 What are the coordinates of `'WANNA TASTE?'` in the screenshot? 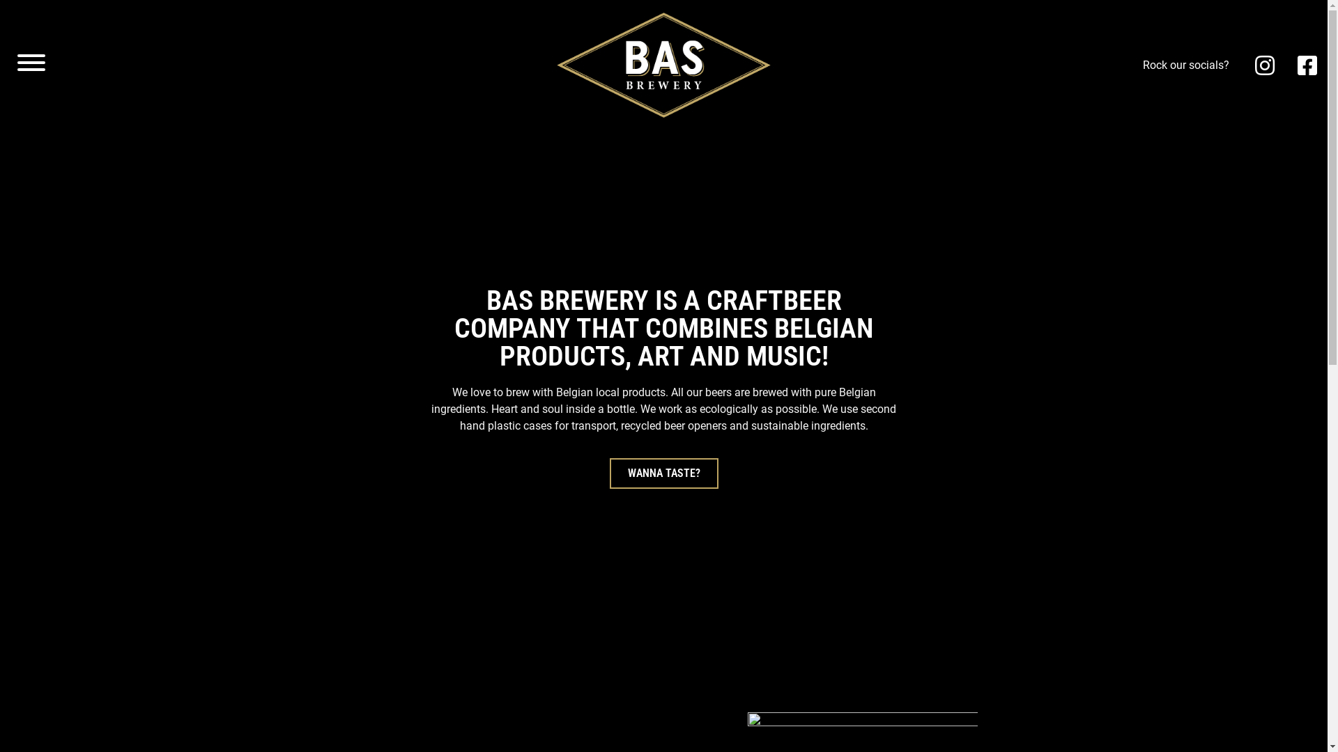 It's located at (662, 472).